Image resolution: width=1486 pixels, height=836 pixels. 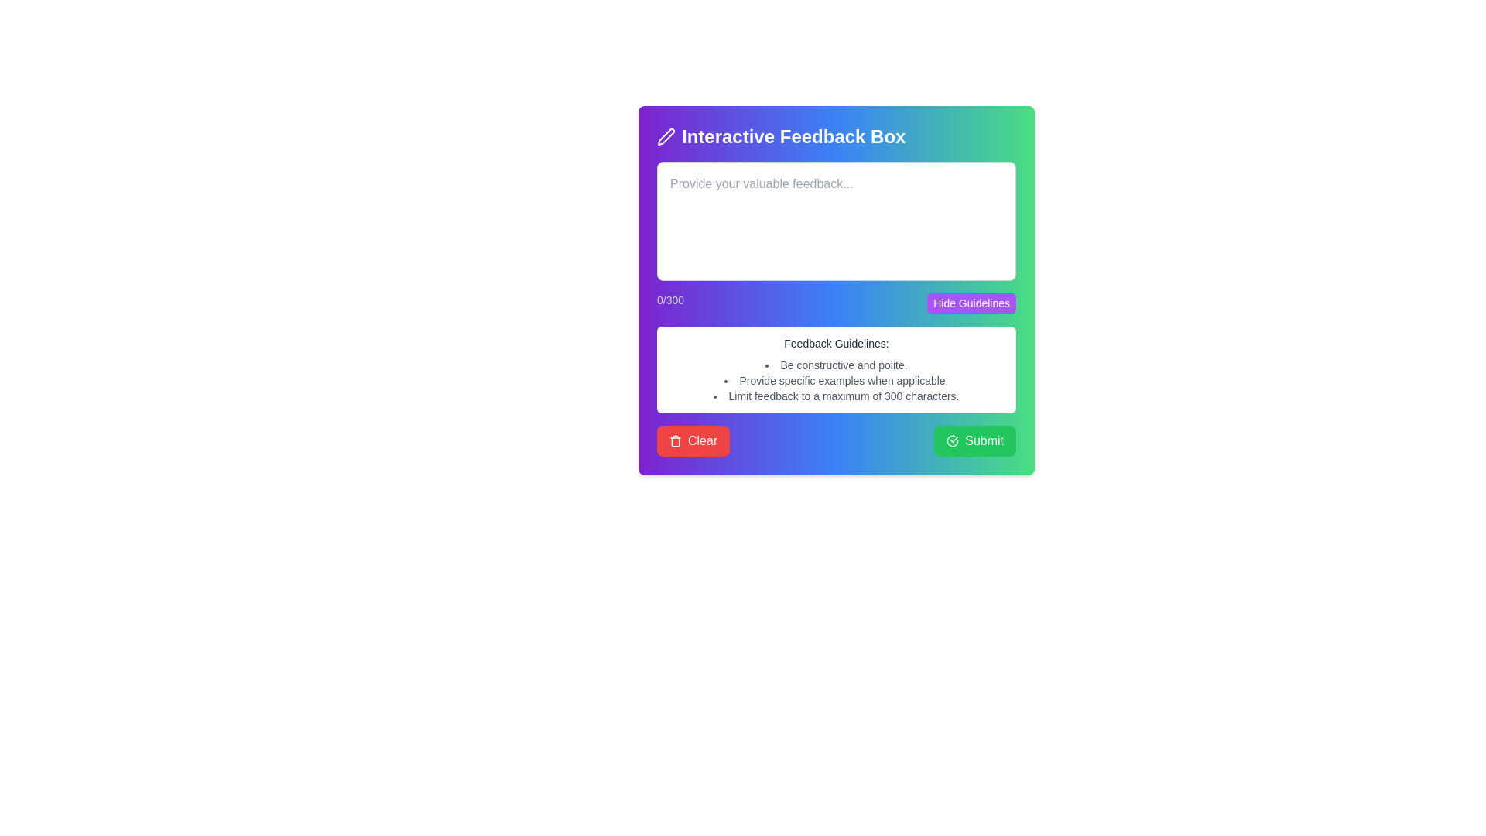 What do you see at coordinates (835, 290) in the screenshot?
I see `the 'Clear' button located at the bottom of the vibrant gradient feedback form, which is near the center of the feedback interface` at bounding box center [835, 290].